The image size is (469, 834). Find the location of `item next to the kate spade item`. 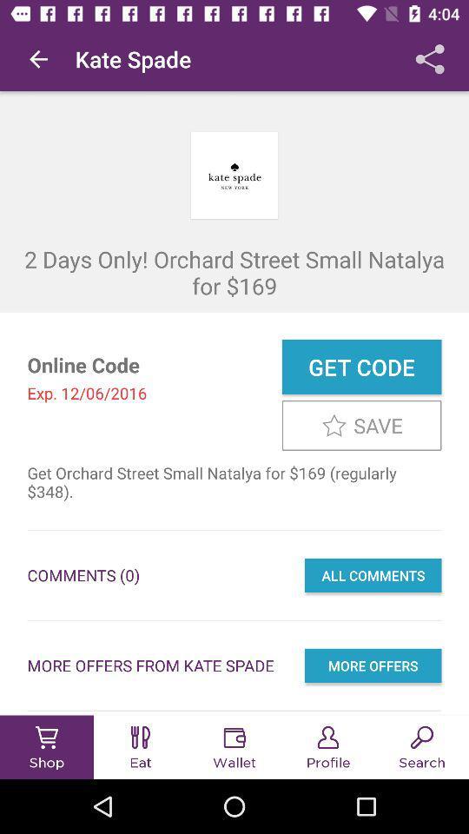

item next to the kate spade item is located at coordinates (38, 59).